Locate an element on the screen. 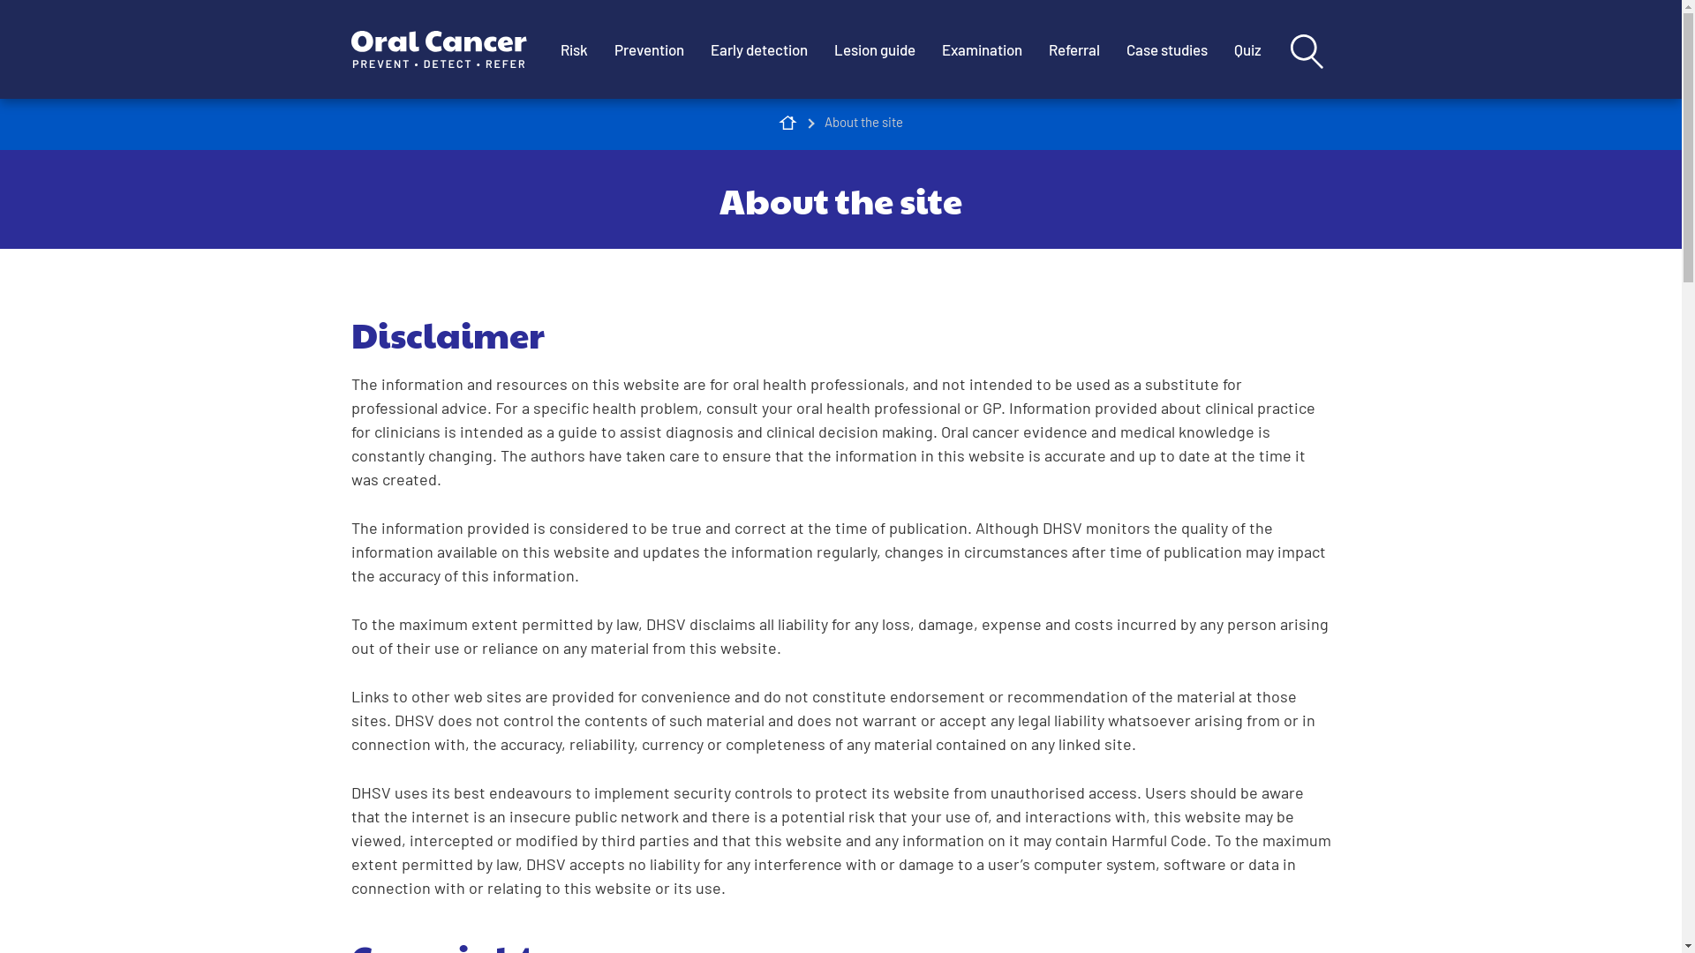 The width and height of the screenshot is (1695, 953). 'Prevention' is located at coordinates (647, 49).